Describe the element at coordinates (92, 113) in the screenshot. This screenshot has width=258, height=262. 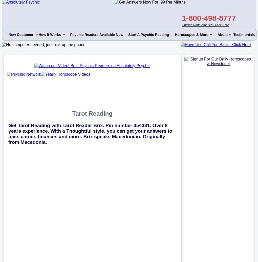
I see `'Tarot Reading'` at that location.